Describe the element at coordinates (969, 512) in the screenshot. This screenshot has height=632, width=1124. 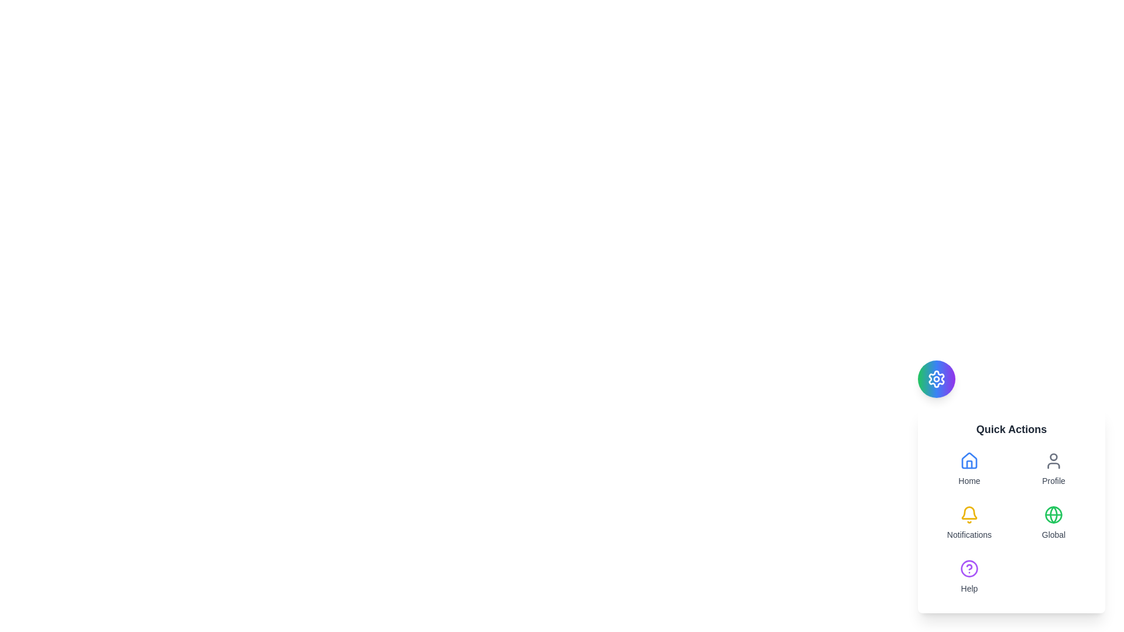
I see `the yellow bell icon representing notifications located in the 'Quick Actions' panel, which is the third option in the grid layout` at that location.